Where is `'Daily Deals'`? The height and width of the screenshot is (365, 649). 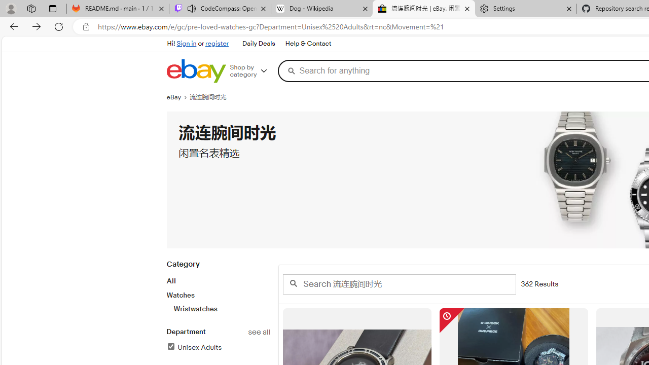
'Daily Deals' is located at coordinates (258, 43).